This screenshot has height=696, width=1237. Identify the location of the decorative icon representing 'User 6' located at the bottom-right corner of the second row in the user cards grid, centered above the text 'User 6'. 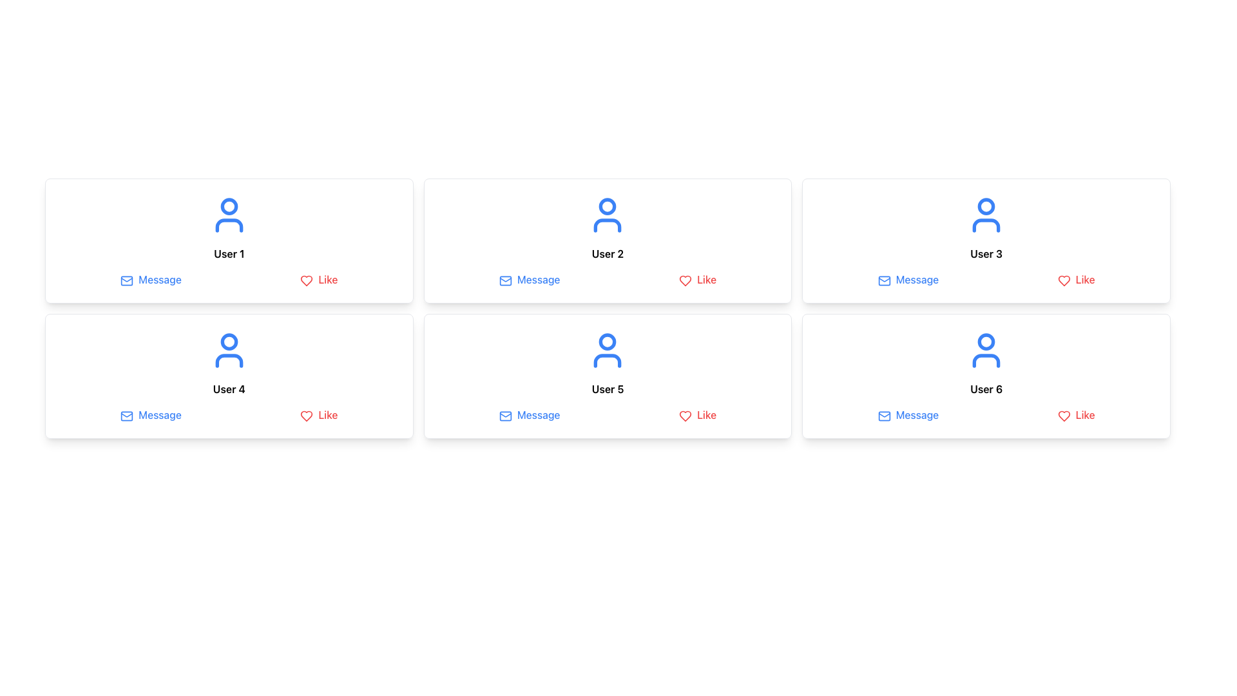
(986, 350).